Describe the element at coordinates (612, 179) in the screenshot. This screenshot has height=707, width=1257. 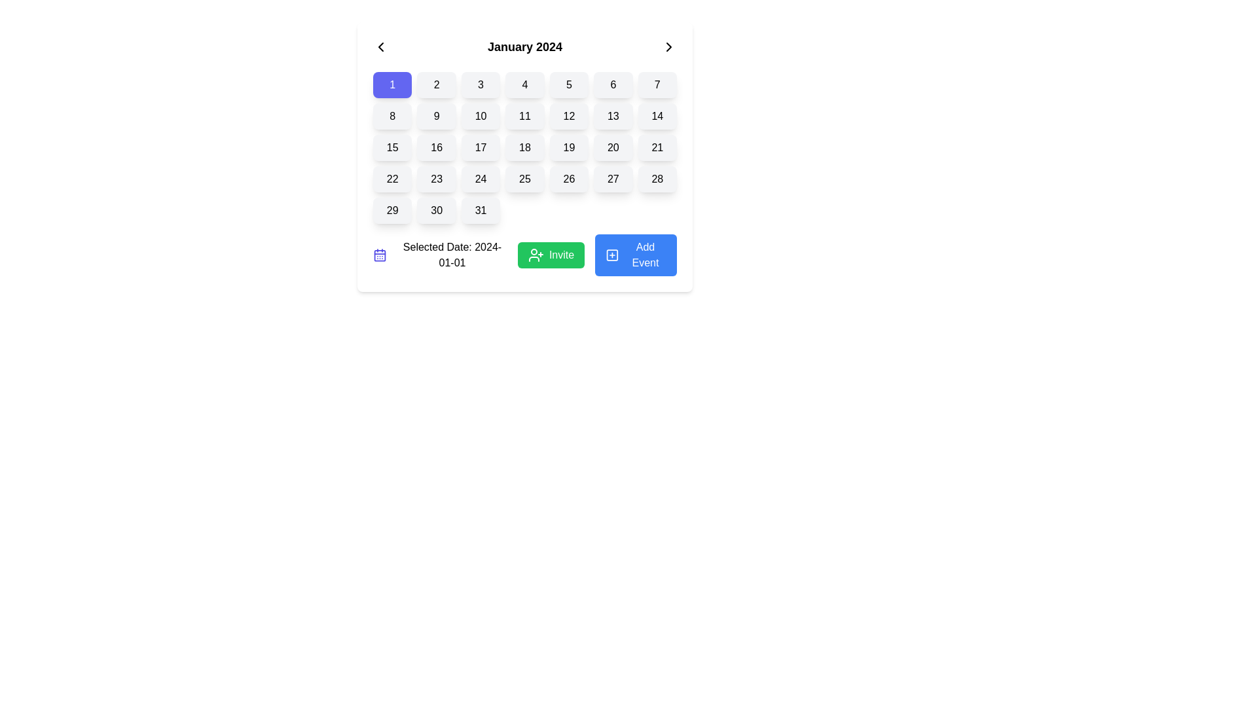
I see `the calendar day cell representing the 27th day of the month, which is displayed in the 7th column and 4th row of the grid` at that location.